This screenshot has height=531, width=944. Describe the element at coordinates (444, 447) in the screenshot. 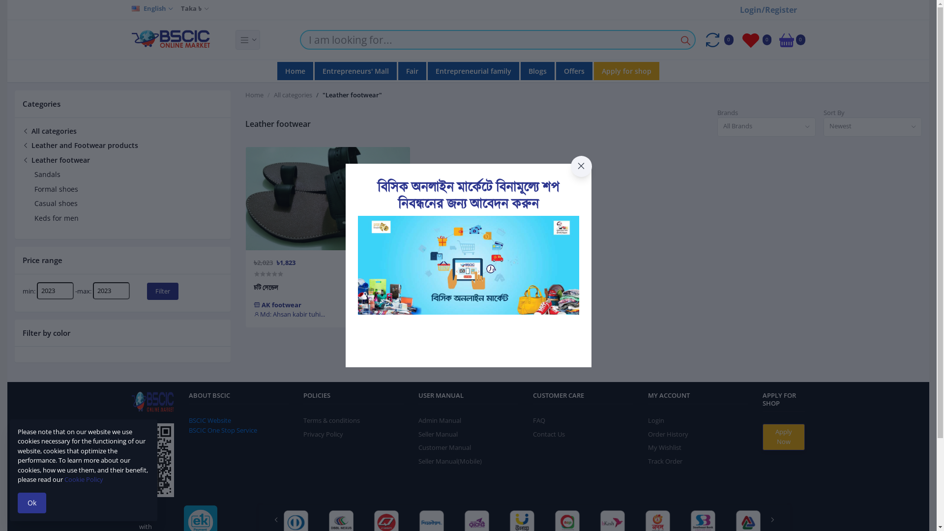

I see `'Customer Manual'` at that location.